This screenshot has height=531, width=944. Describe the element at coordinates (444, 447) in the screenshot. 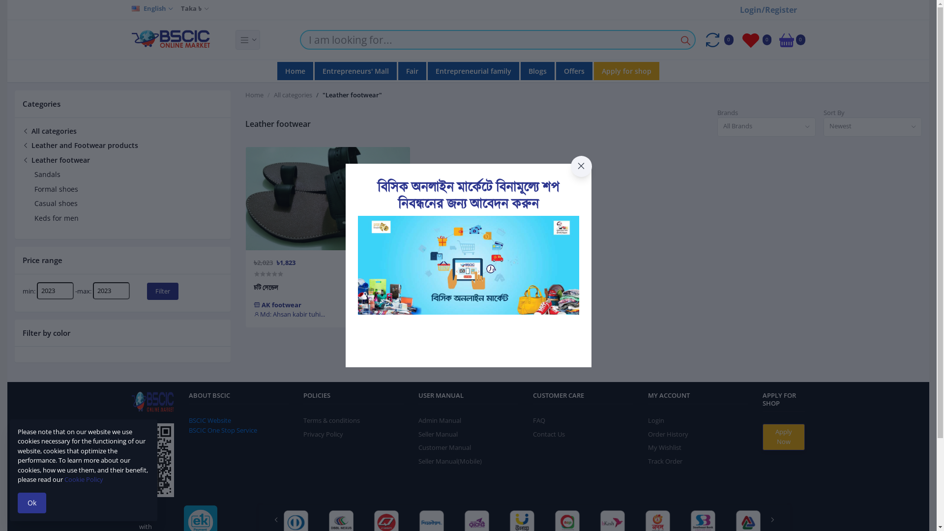

I see `'Customer Manual'` at that location.